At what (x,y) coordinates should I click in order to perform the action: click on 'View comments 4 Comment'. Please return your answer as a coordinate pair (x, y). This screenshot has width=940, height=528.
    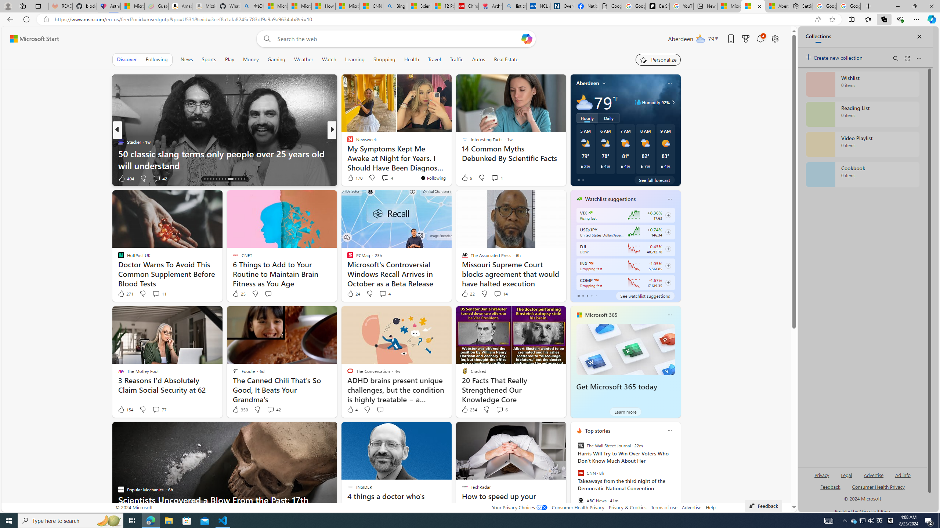
    Looking at the image, I should click on (382, 293).